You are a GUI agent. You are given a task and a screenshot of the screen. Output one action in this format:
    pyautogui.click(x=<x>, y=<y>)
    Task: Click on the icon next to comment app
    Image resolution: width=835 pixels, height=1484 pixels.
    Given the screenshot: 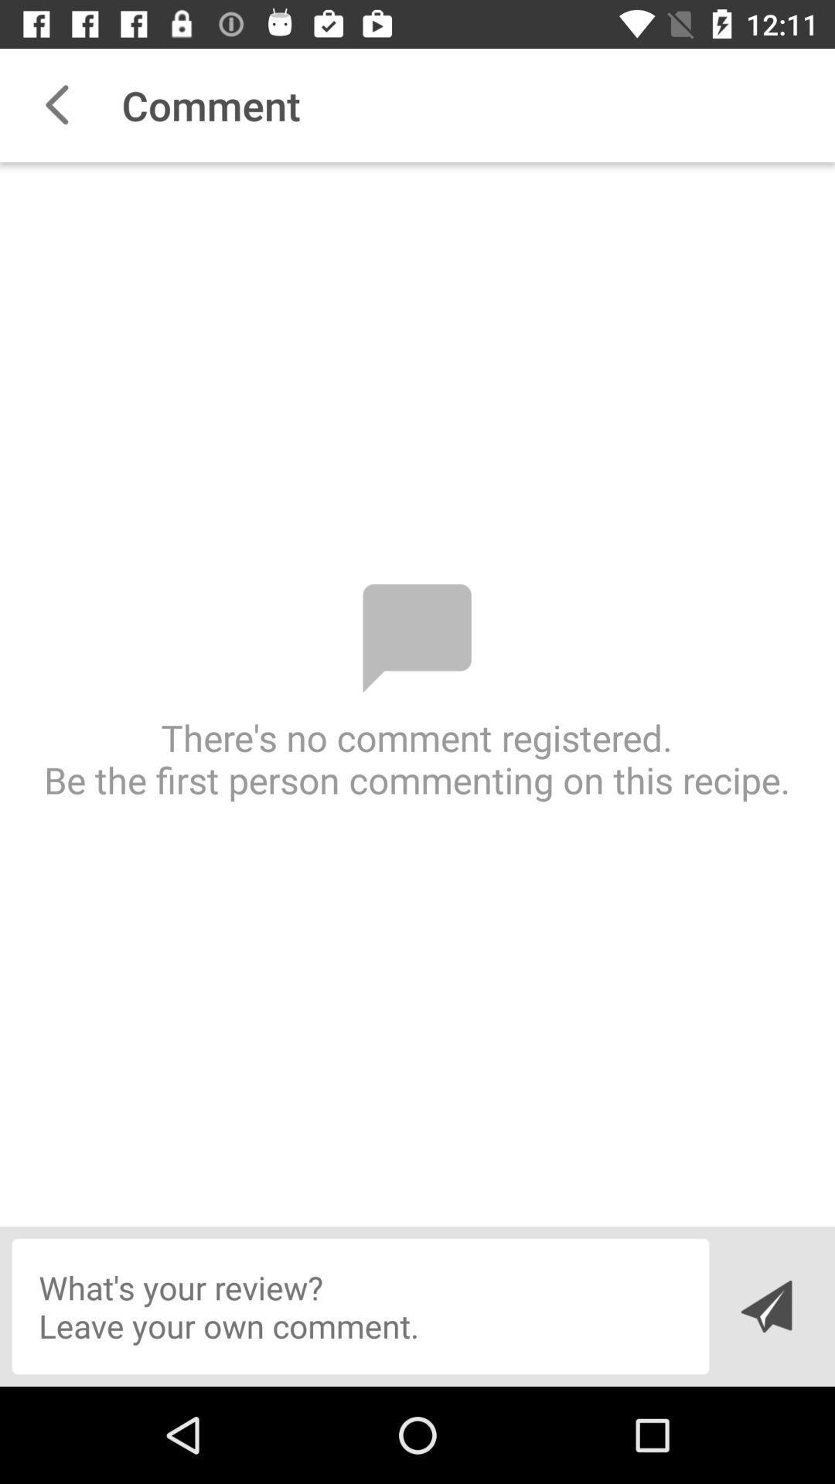 What is the action you would take?
    pyautogui.click(x=56, y=104)
    